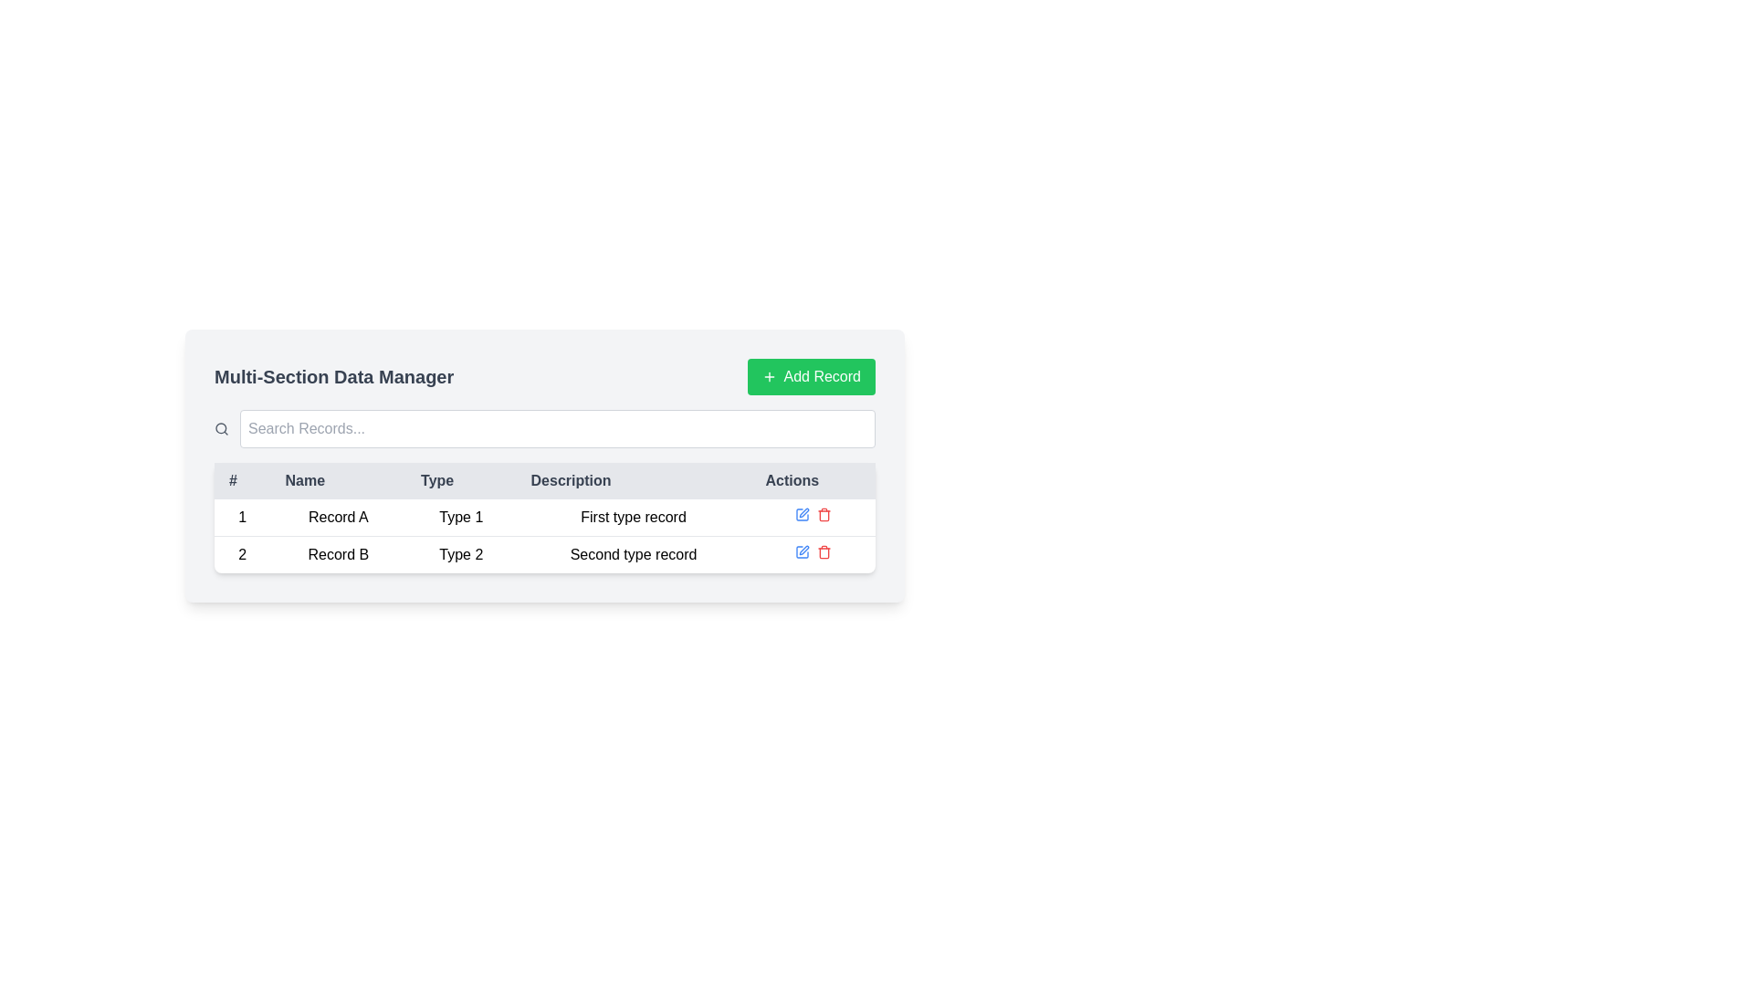 The height and width of the screenshot is (986, 1753). Describe the element at coordinates (810, 375) in the screenshot. I see `the button located in the upper-right corner of the 'Multi-Section Data Manager'` at that location.